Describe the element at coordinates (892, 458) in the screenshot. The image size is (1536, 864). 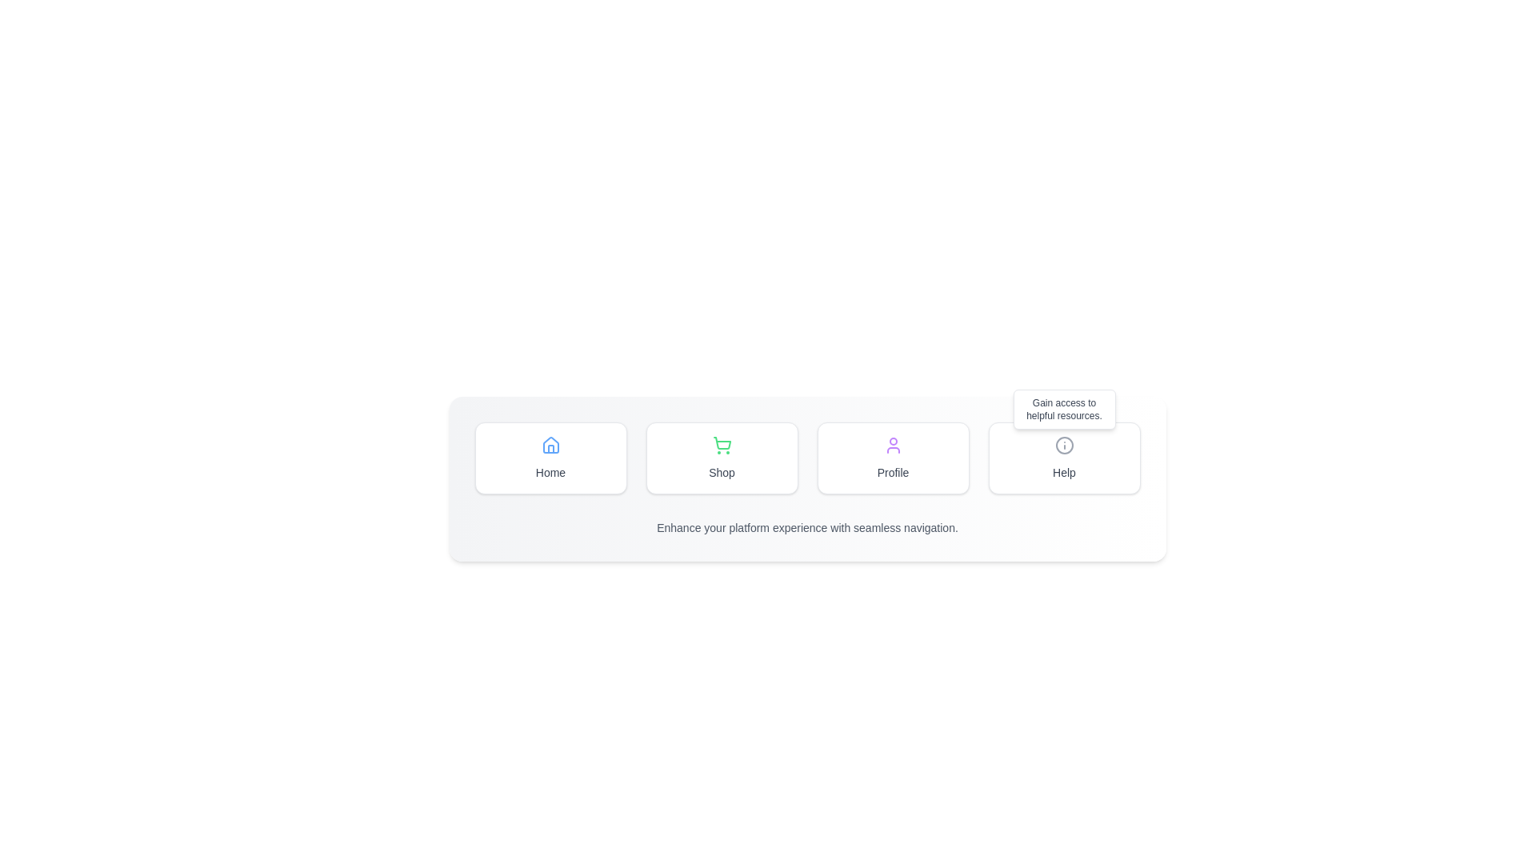
I see `the 'Profile' button-like card element in the navigation menu to trigger visual changes such as a border highlight` at that location.